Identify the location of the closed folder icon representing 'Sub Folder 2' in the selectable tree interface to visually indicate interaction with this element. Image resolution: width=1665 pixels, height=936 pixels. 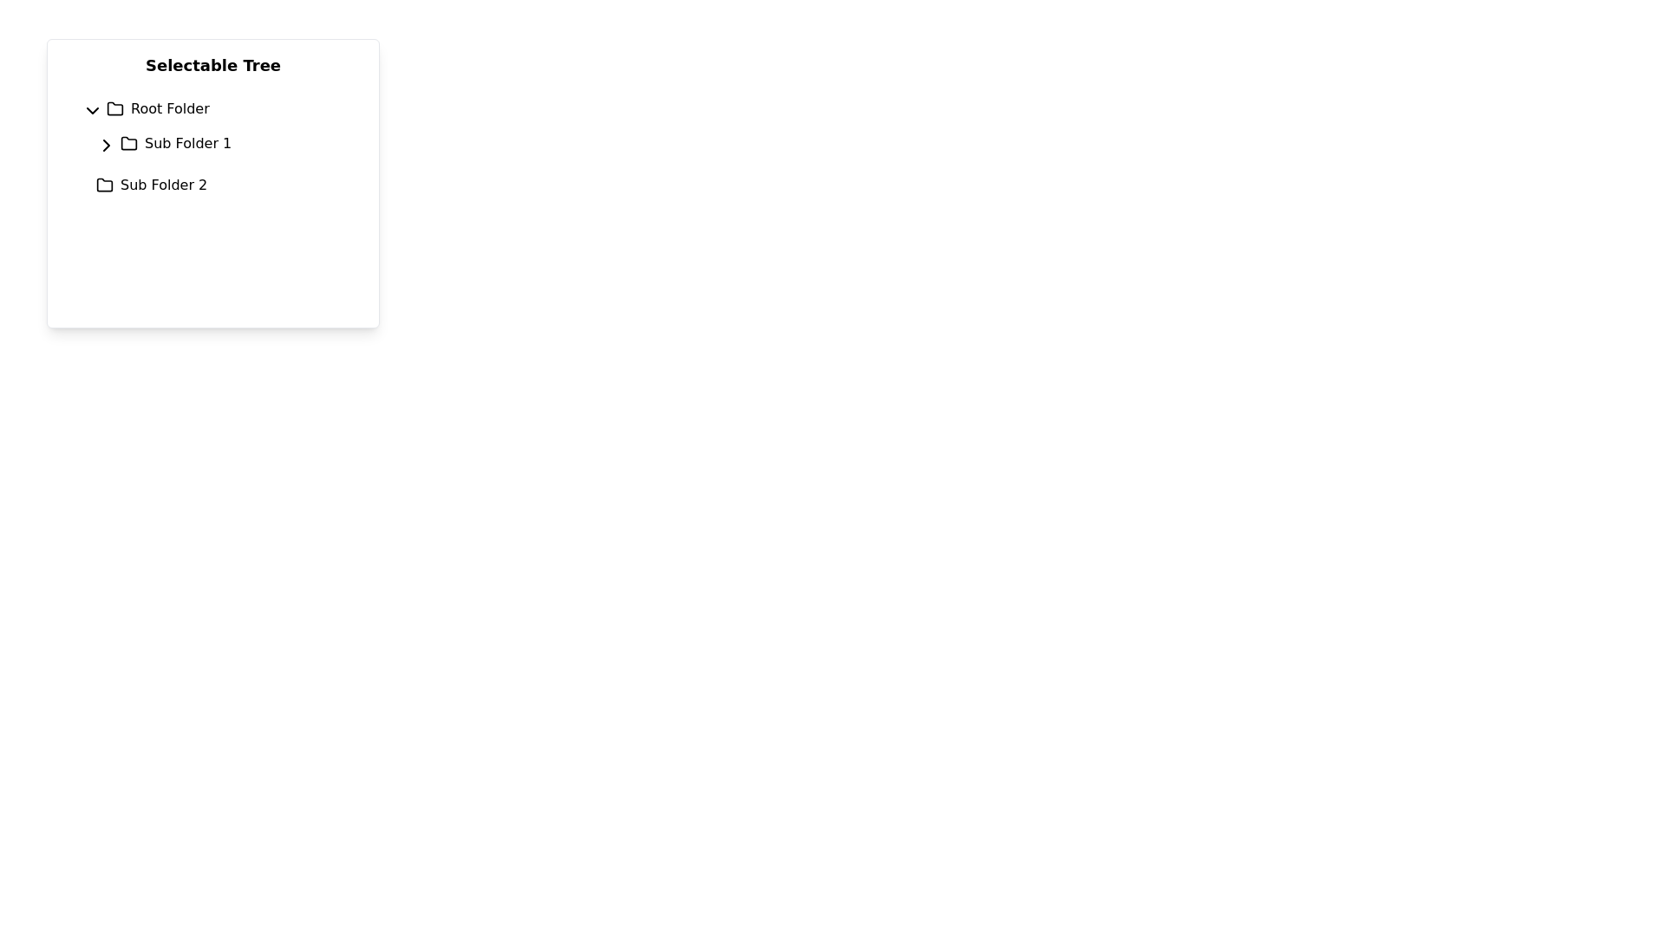
(103, 185).